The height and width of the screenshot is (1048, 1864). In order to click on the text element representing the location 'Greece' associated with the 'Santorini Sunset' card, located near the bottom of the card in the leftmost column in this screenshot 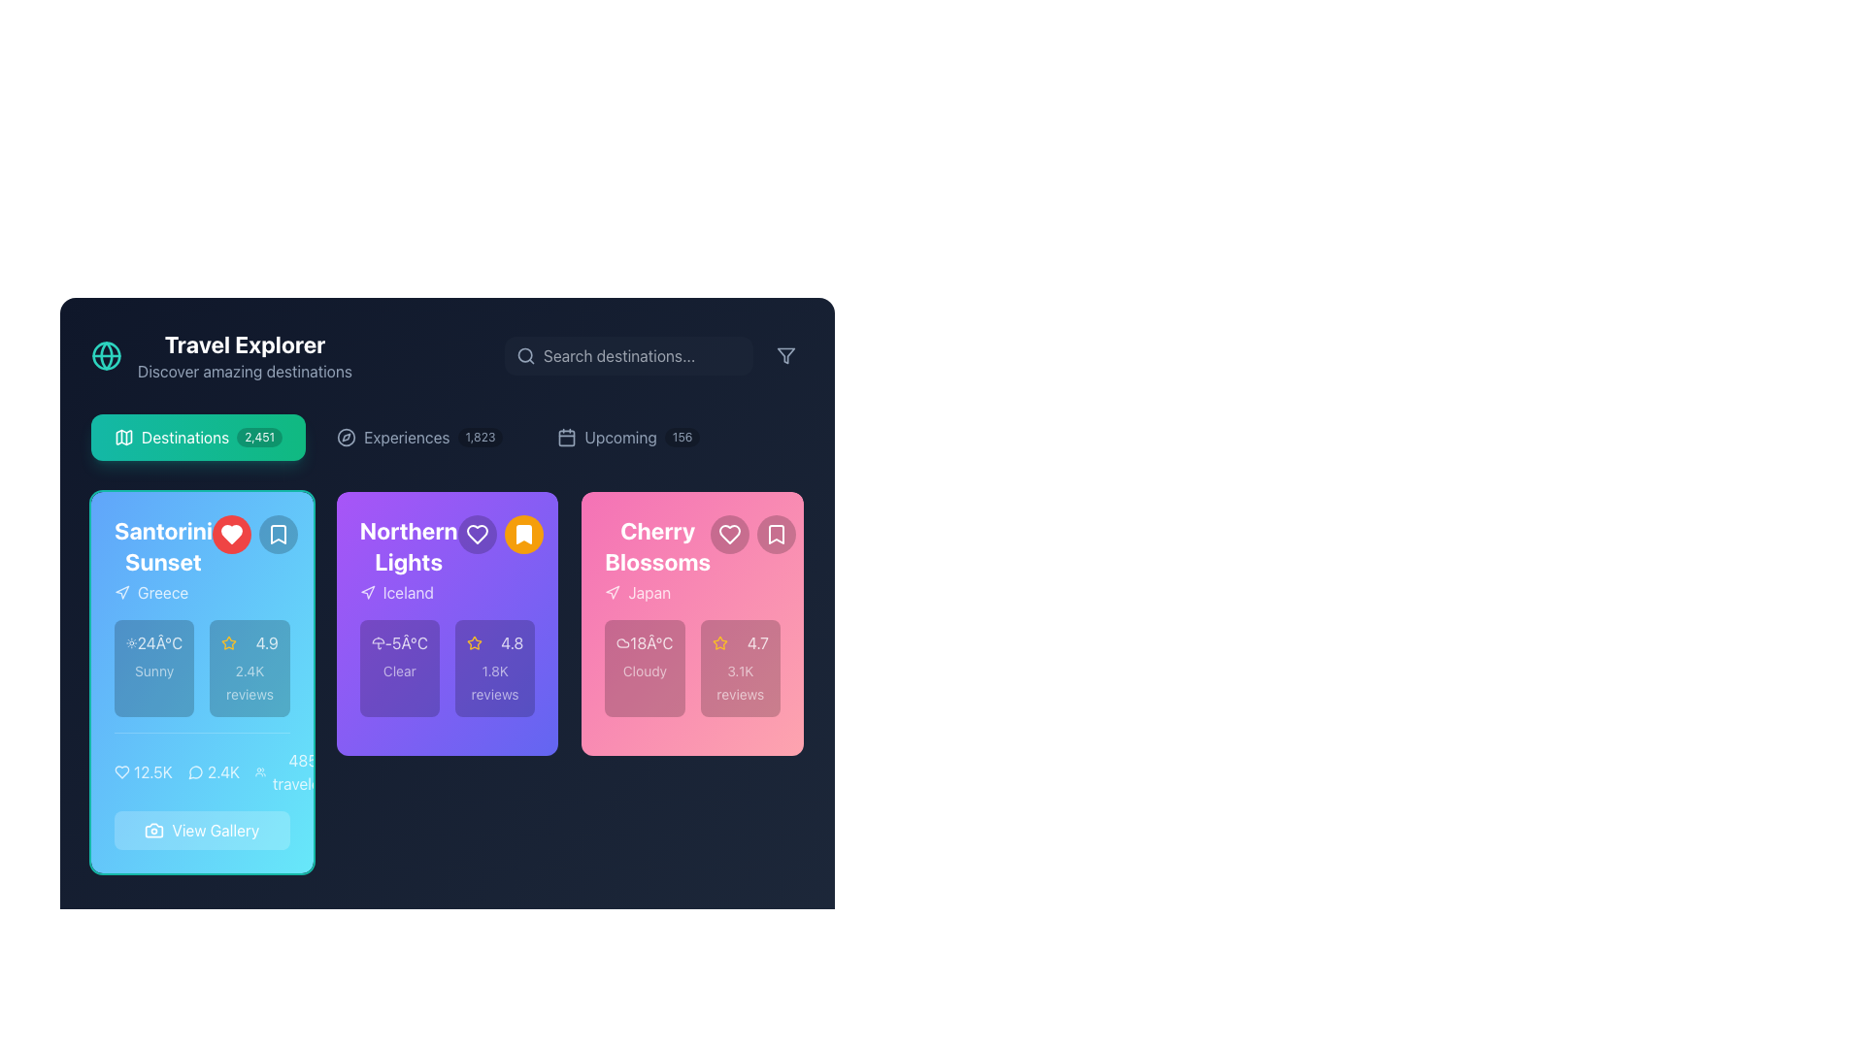, I will do `click(163, 591)`.